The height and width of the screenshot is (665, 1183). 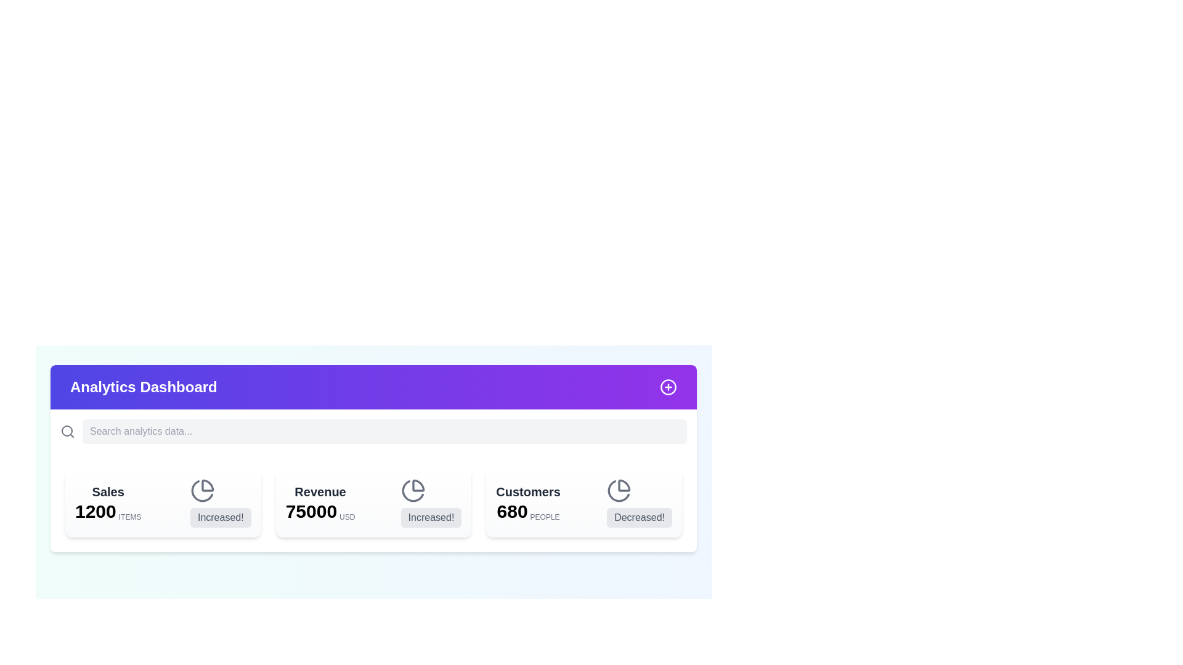 I want to click on the second segment of the pie chart icon with a light gray stroke located in the 'Customers' card on the right-most side of the analytics dashboard, so click(x=619, y=490).